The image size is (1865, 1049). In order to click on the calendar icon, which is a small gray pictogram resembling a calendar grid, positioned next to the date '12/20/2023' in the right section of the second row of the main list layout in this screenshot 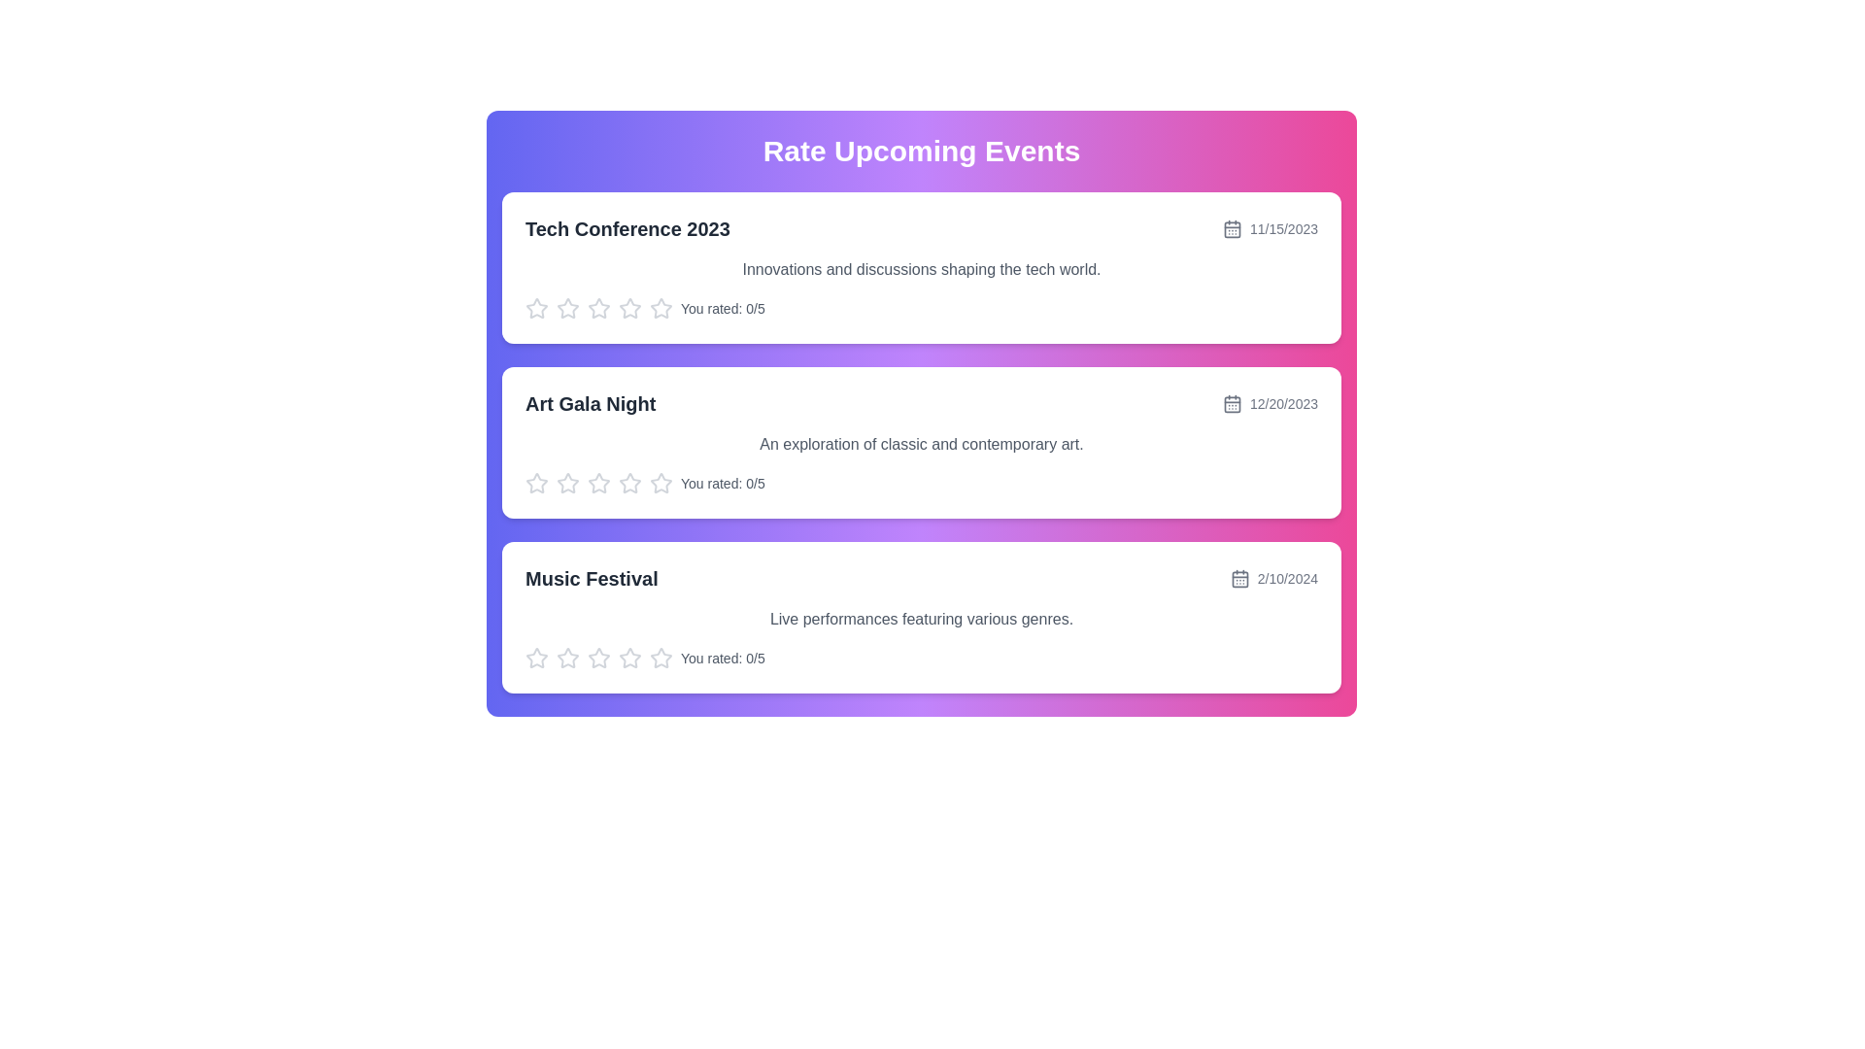, I will do `click(1231, 403)`.